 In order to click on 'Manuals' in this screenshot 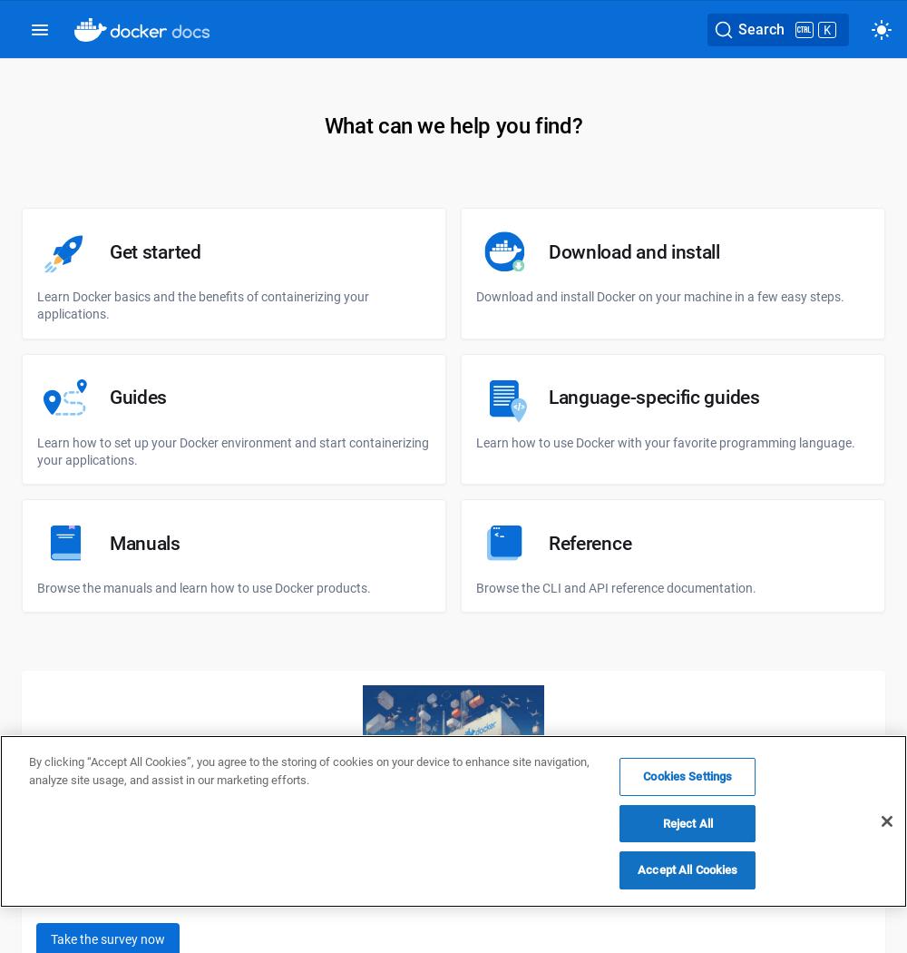, I will do `click(144, 541)`.